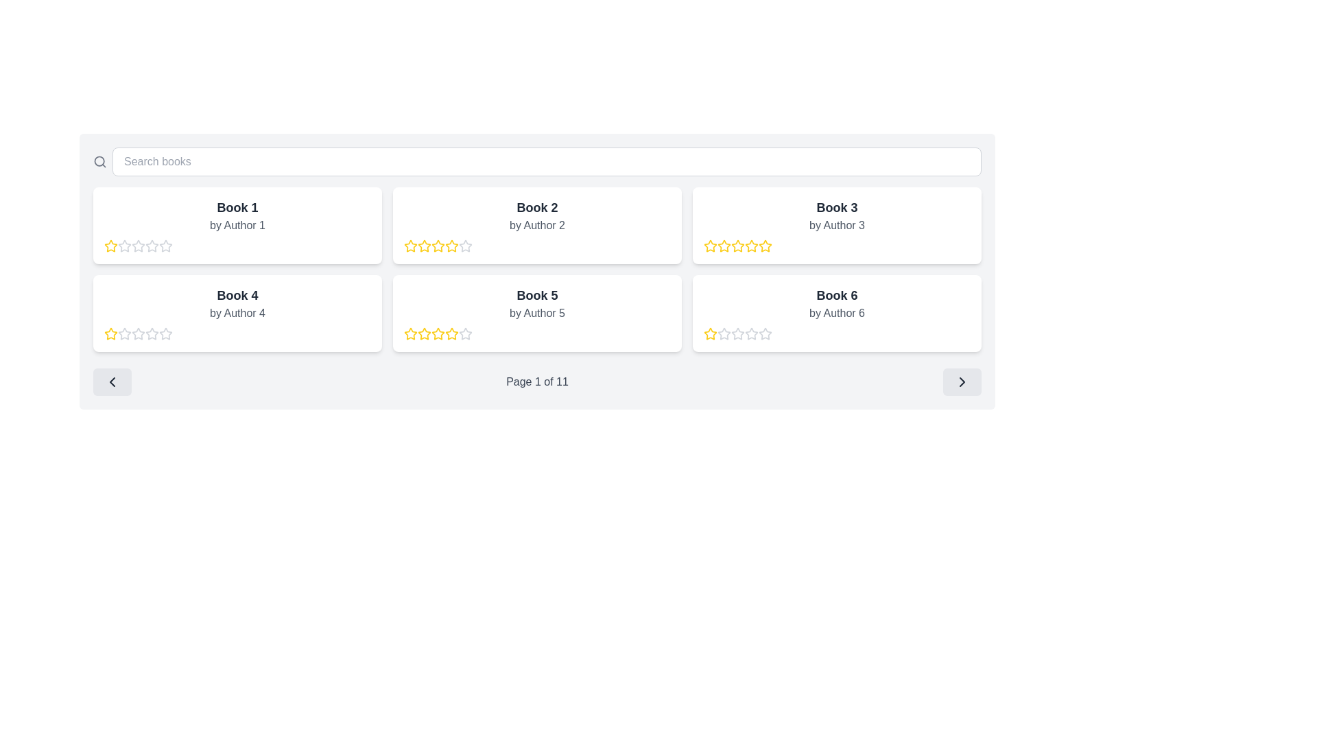 Image resolution: width=1317 pixels, height=741 pixels. What do you see at coordinates (536, 333) in the screenshot?
I see `a star in the rating component located at the bottom of the card labeled 'Book 5 by Author 5' to set a rating` at bounding box center [536, 333].